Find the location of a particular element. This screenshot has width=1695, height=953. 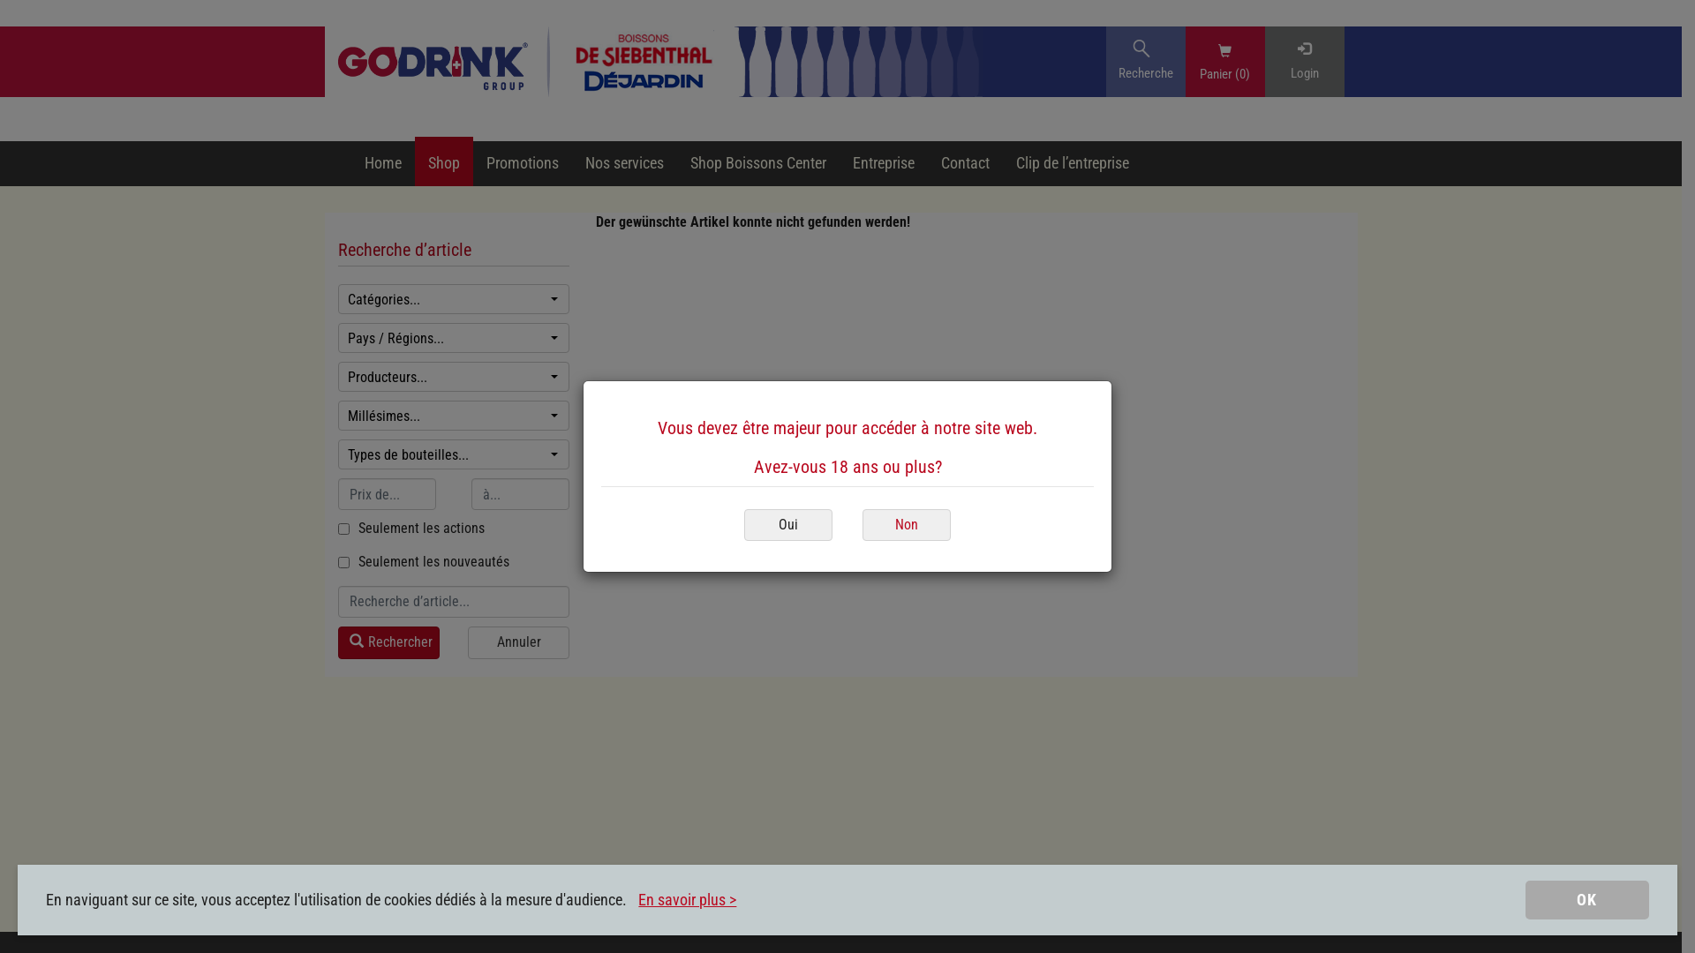

'Producteurs...' is located at coordinates (453, 376).